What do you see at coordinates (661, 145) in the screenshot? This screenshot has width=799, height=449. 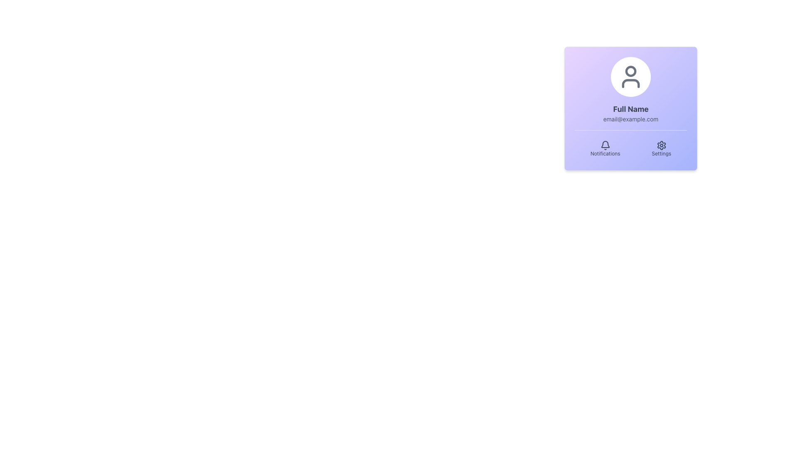 I see `the gear icon located at the bottom-right corner of the card component` at bounding box center [661, 145].